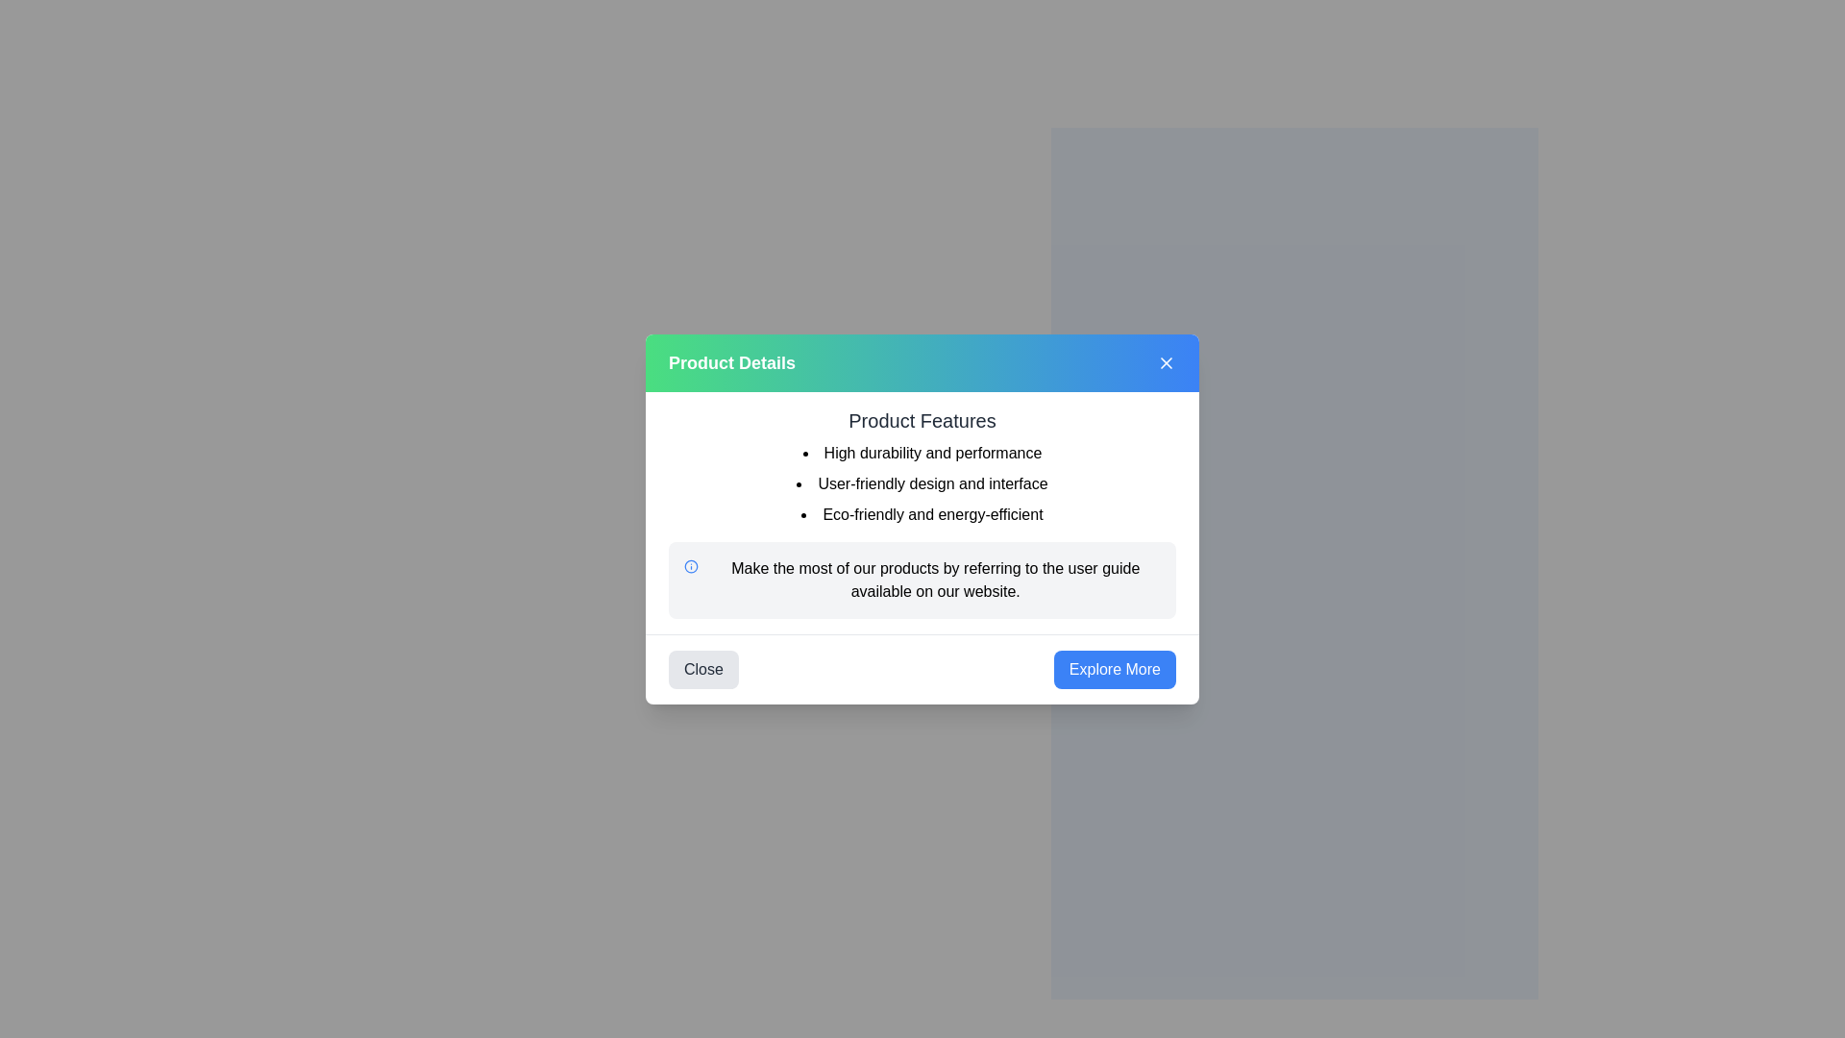 This screenshot has height=1038, width=1845. Describe the element at coordinates (922, 482) in the screenshot. I see `the second item in a vertical bulleted list` at that location.